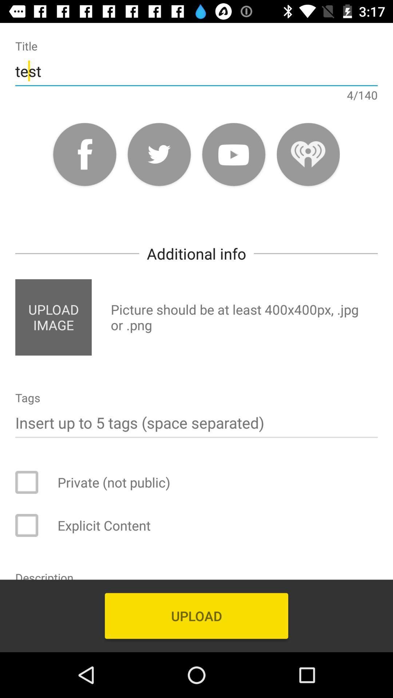 Image resolution: width=393 pixels, height=698 pixels. What do you see at coordinates (31, 482) in the screenshot?
I see `make it private` at bounding box center [31, 482].